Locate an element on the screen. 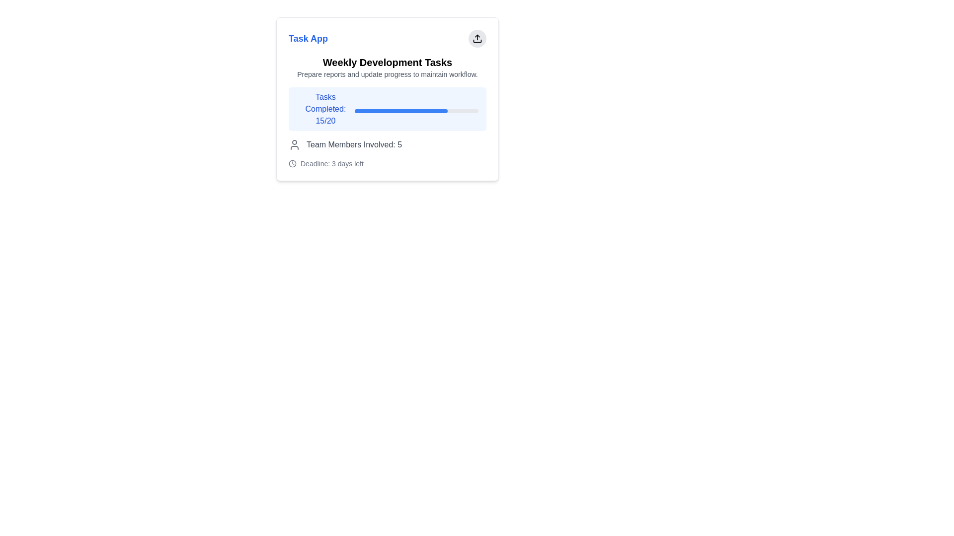 This screenshot has width=954, height=536. the progress bar indicating 75% completion with the label 'Tasks Completed: 15/20' for accessibility-related tasks is located at coordinates (387, 109).